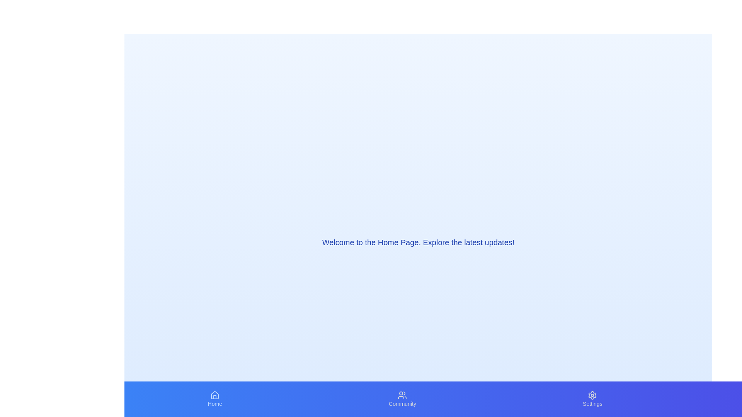 The height and width of the screenshot is (417, 742). Describe the element at coordinates (215, 395) in the screenshot. I see `the house-shaped icon in the bottom navigation bar, which has a blue background and is located above the text 'Home'` at that location.